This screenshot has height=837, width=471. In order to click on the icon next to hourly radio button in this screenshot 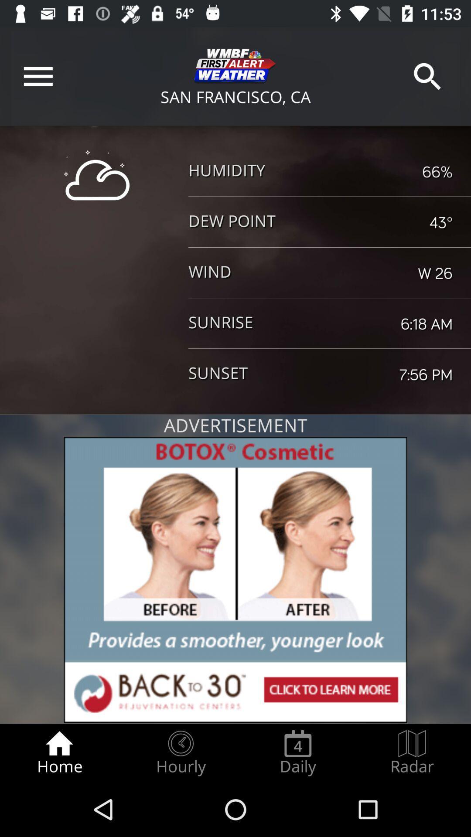, I will do `click(297, 752)`.